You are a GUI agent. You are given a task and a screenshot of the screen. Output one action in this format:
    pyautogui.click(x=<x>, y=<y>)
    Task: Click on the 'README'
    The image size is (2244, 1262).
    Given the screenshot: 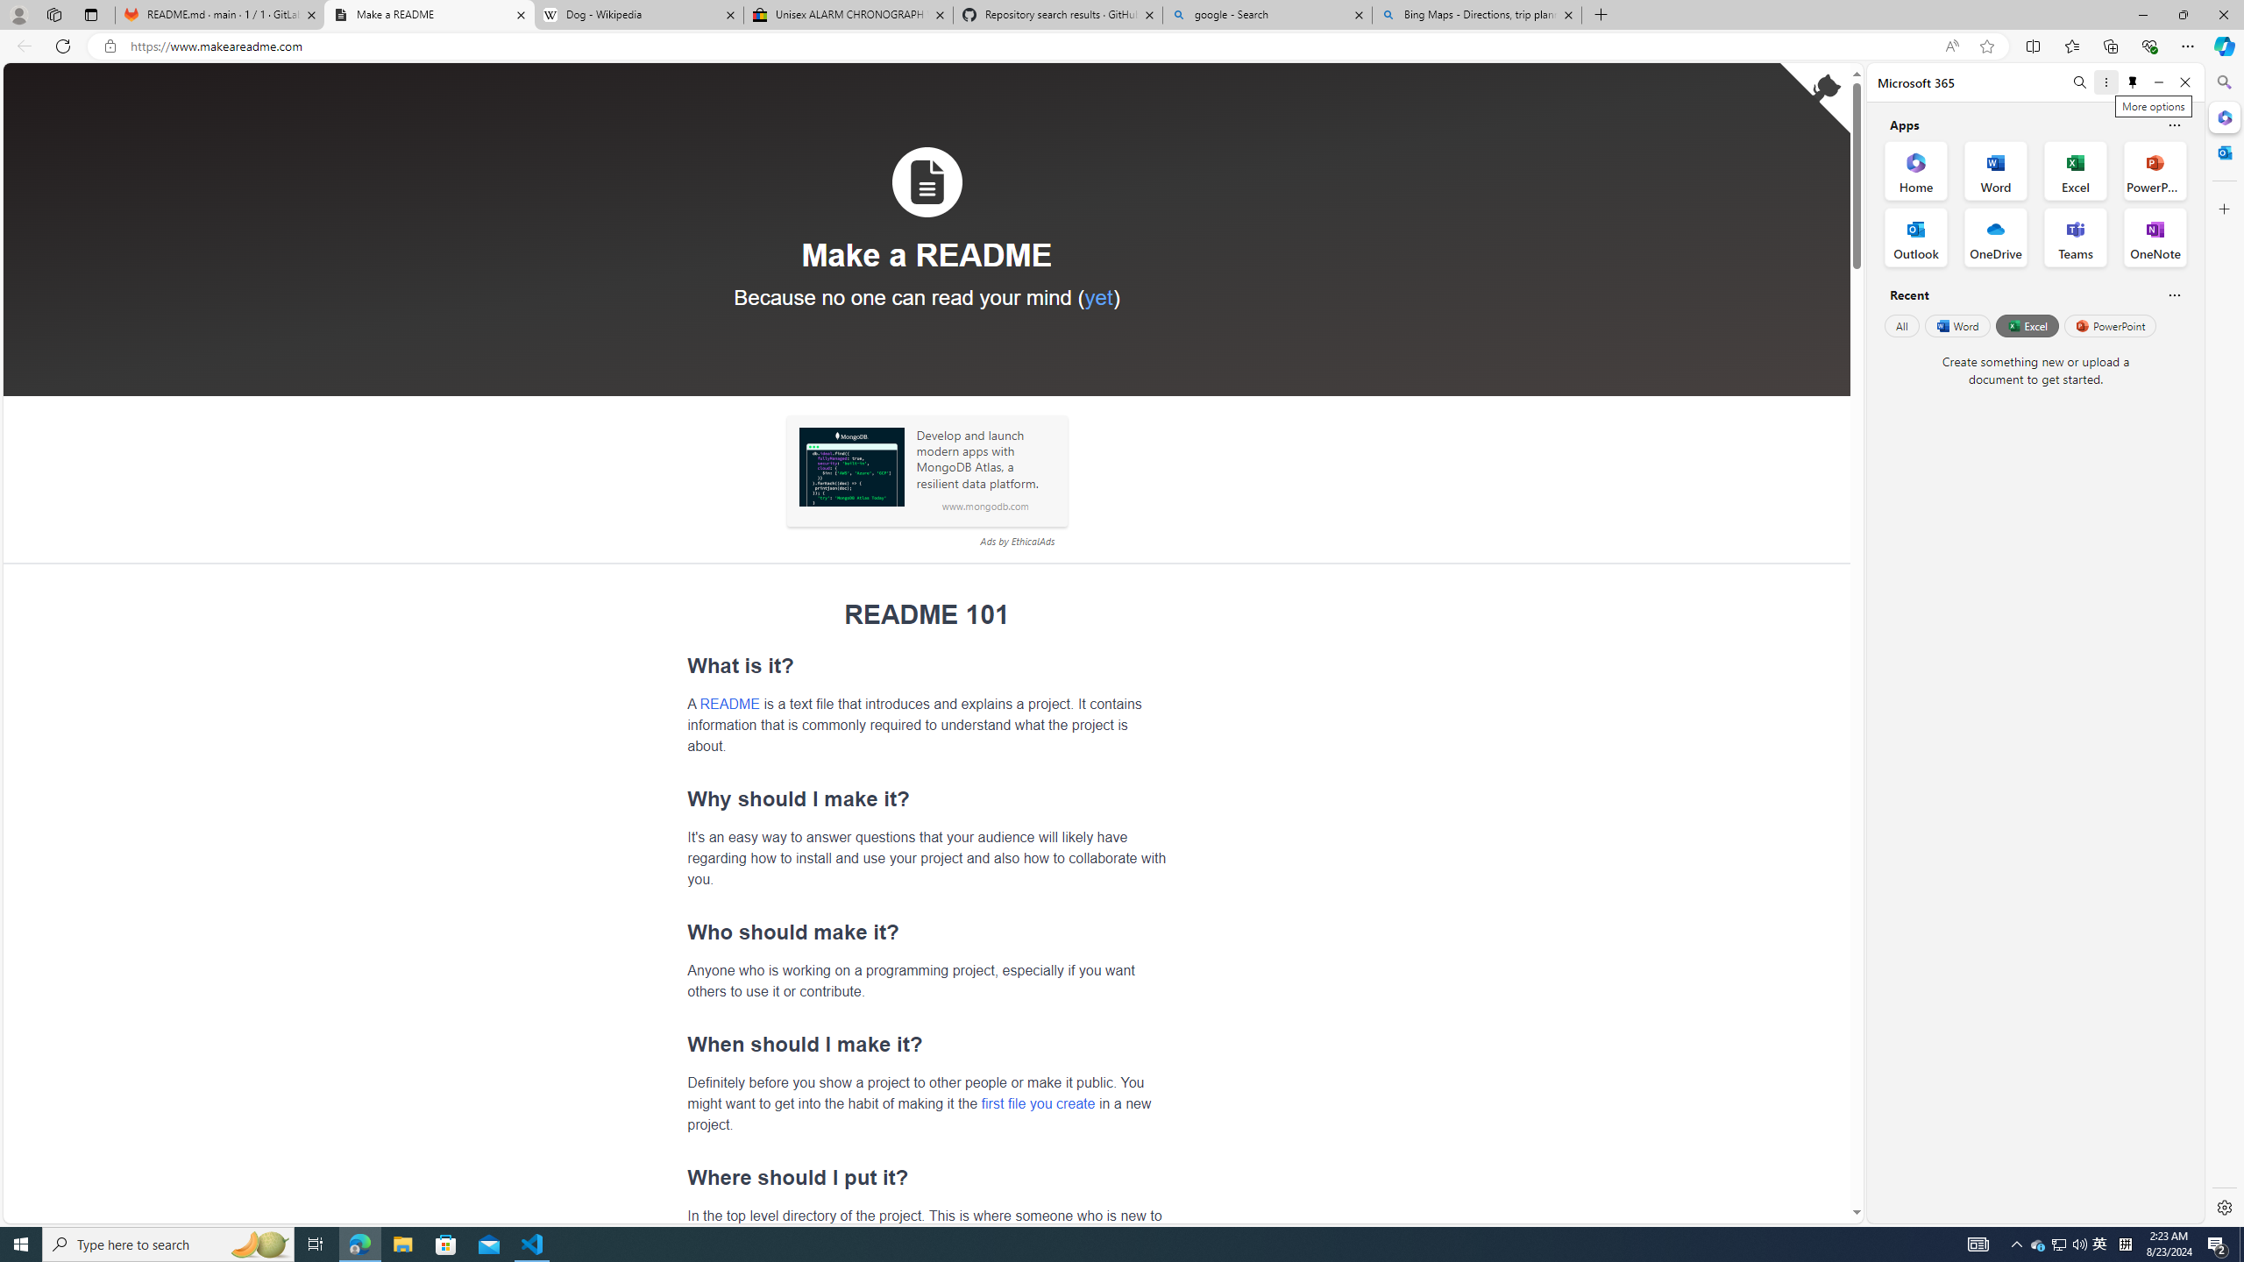 What is the action you would take?
    pyautogui.click(x=729, y=702)
    